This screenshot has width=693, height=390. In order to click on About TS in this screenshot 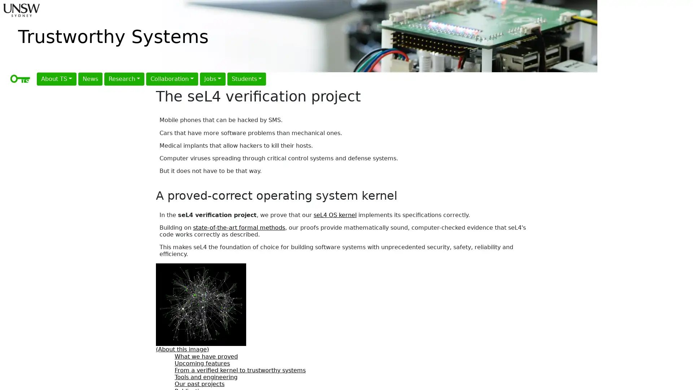, I will do `click(56, 79)`.